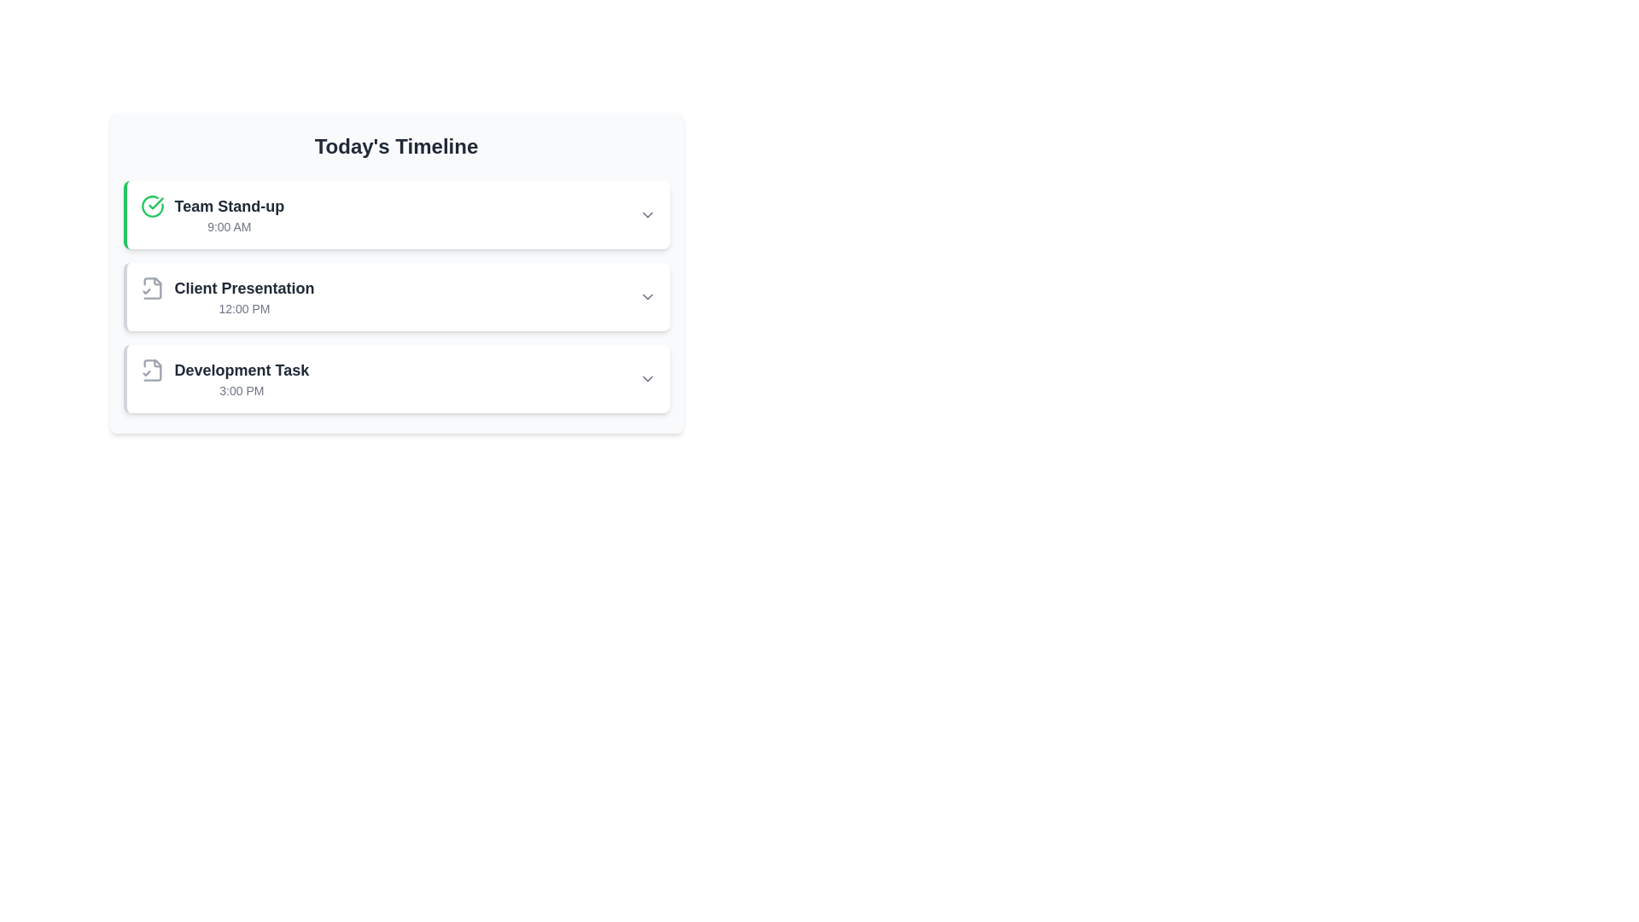 Image resolution: width=1639 pixels, height=922 pixels. Describe the element at coordinates (228, 226) in the screenshot. I see `the non-interactive text label displaying the time of the 'Team Stand-up' event in the timeline, located within the first entry of 'Today's Timeline'` at that location.